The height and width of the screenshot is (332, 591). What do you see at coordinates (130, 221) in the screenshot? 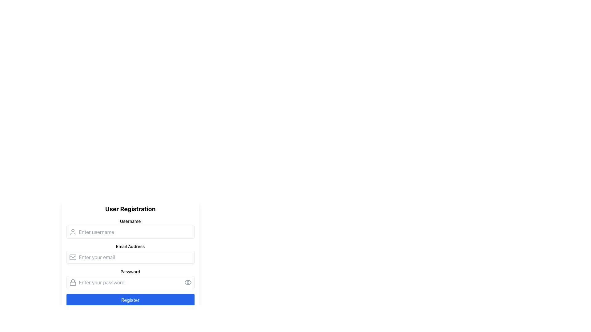
I see `'Username' label which is a medium-weight text label located above the input field for username entry` at bounding box center [130, 221].